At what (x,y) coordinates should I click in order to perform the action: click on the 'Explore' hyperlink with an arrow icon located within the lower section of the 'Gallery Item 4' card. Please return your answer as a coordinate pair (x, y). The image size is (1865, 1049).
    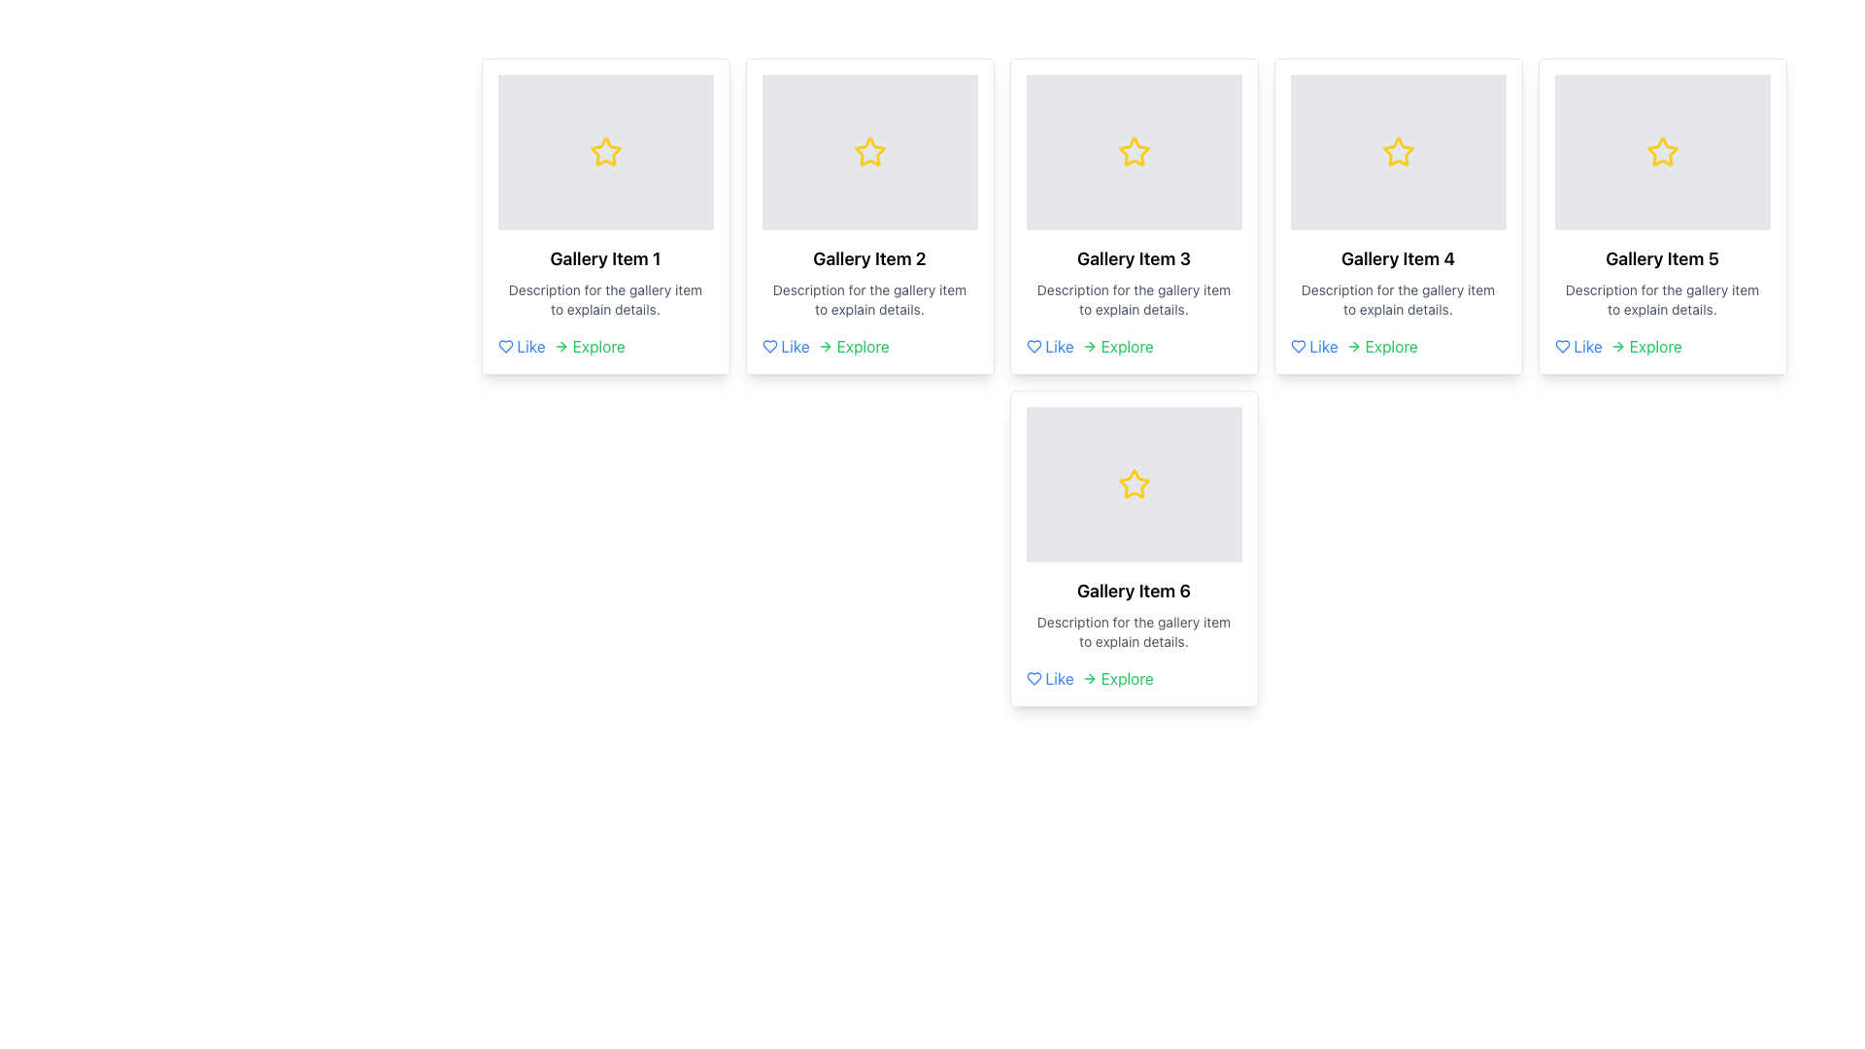
    Looking at the image, I should click on (1380, 346).